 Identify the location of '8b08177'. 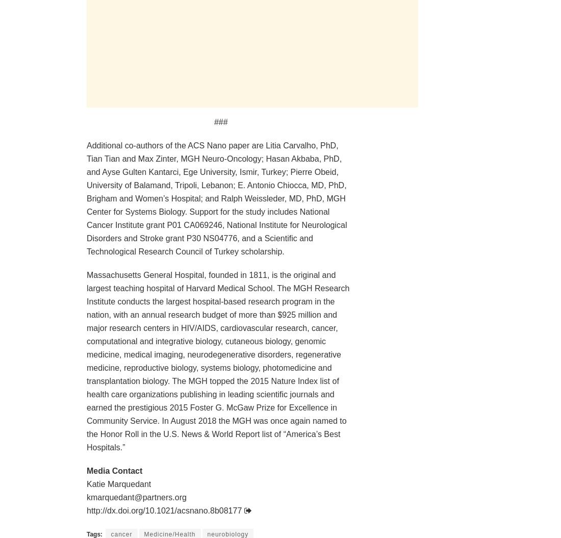
(226, 509).